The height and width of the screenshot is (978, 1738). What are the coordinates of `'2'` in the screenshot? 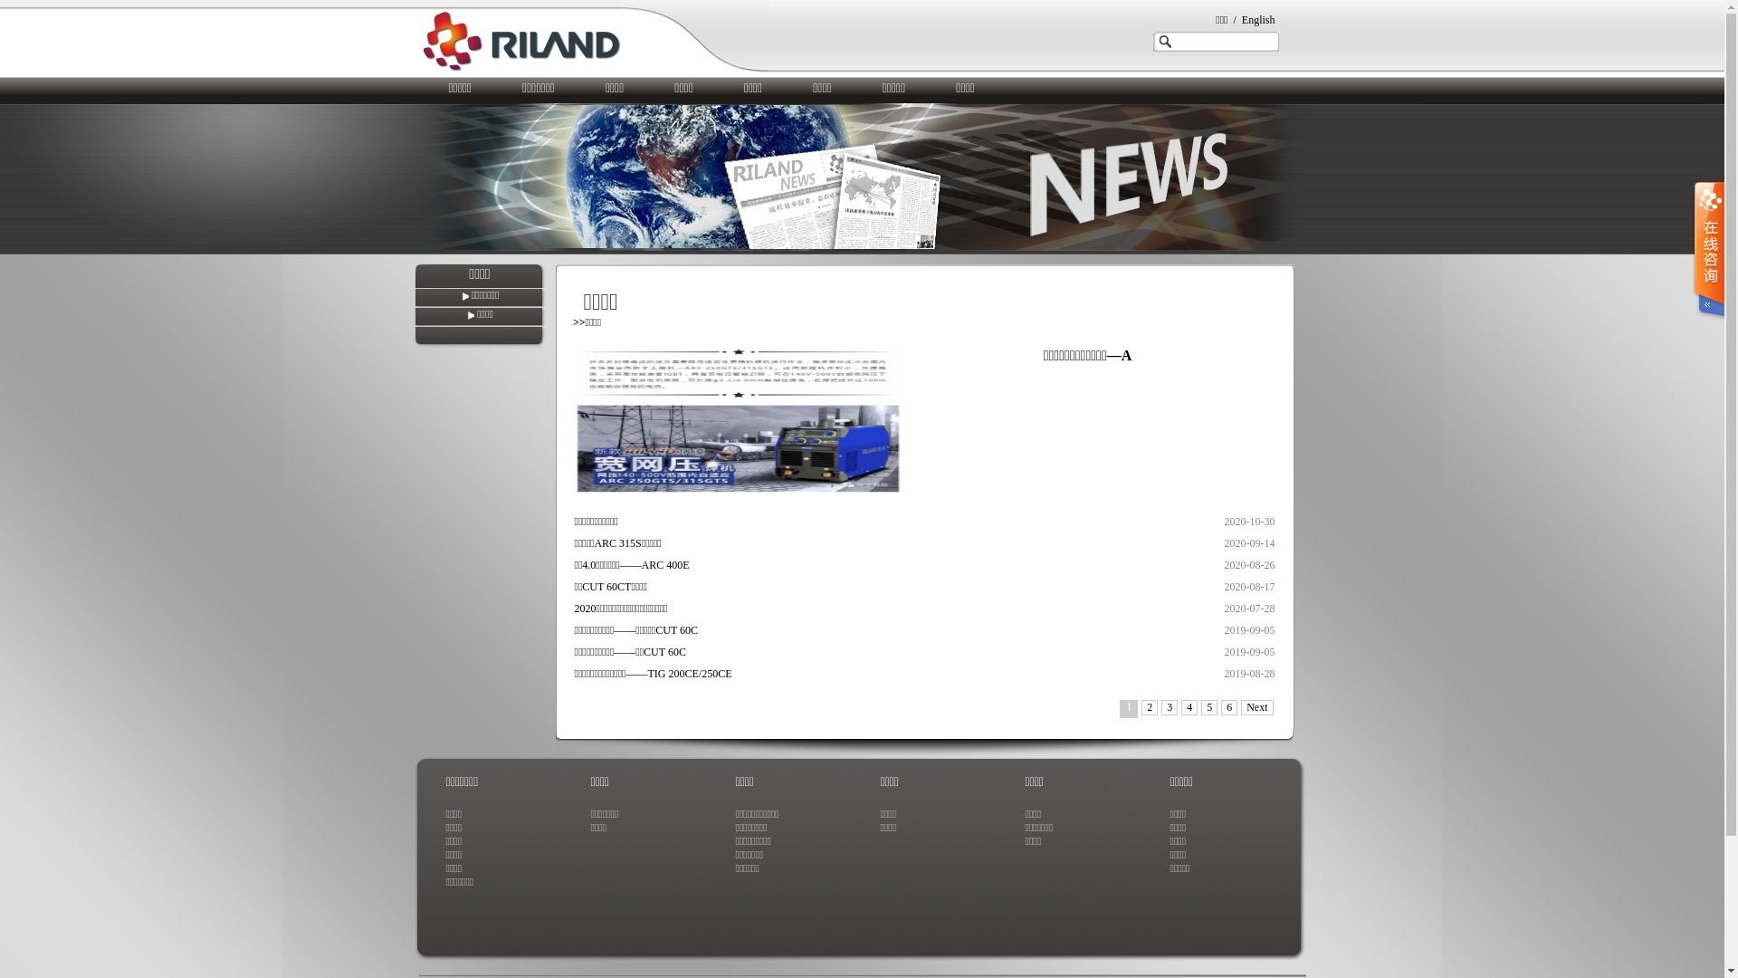 It's located at (1149, 706).